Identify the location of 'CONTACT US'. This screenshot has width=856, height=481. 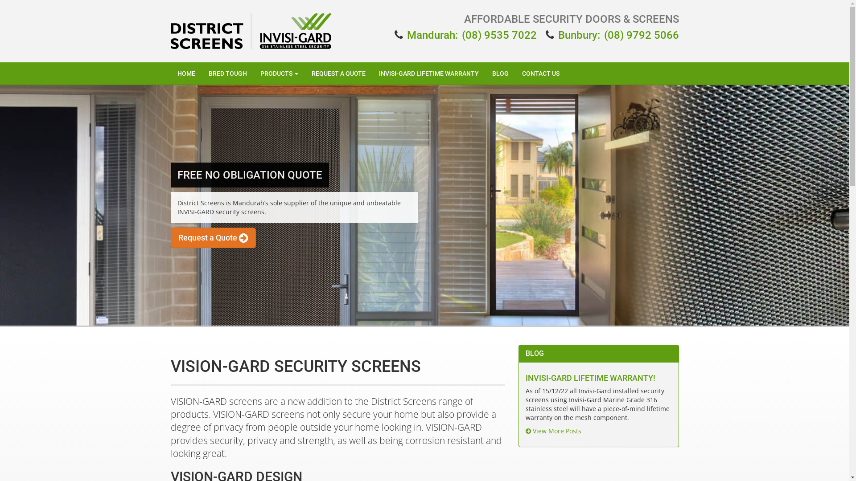
(540, 73).